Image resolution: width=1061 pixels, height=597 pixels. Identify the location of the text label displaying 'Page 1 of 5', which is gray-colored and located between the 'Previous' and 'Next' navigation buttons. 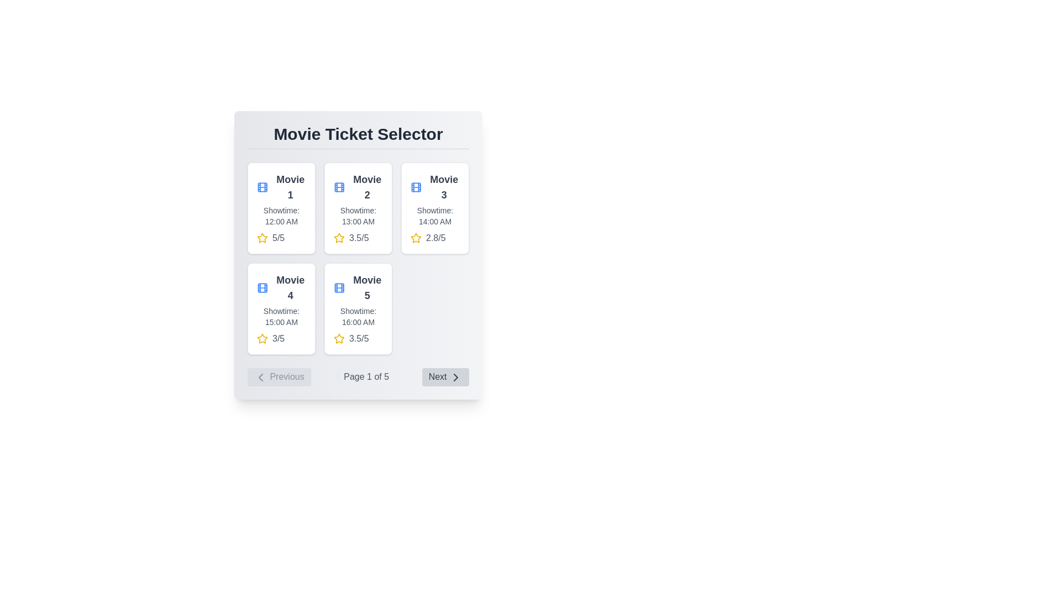
(366, 376).